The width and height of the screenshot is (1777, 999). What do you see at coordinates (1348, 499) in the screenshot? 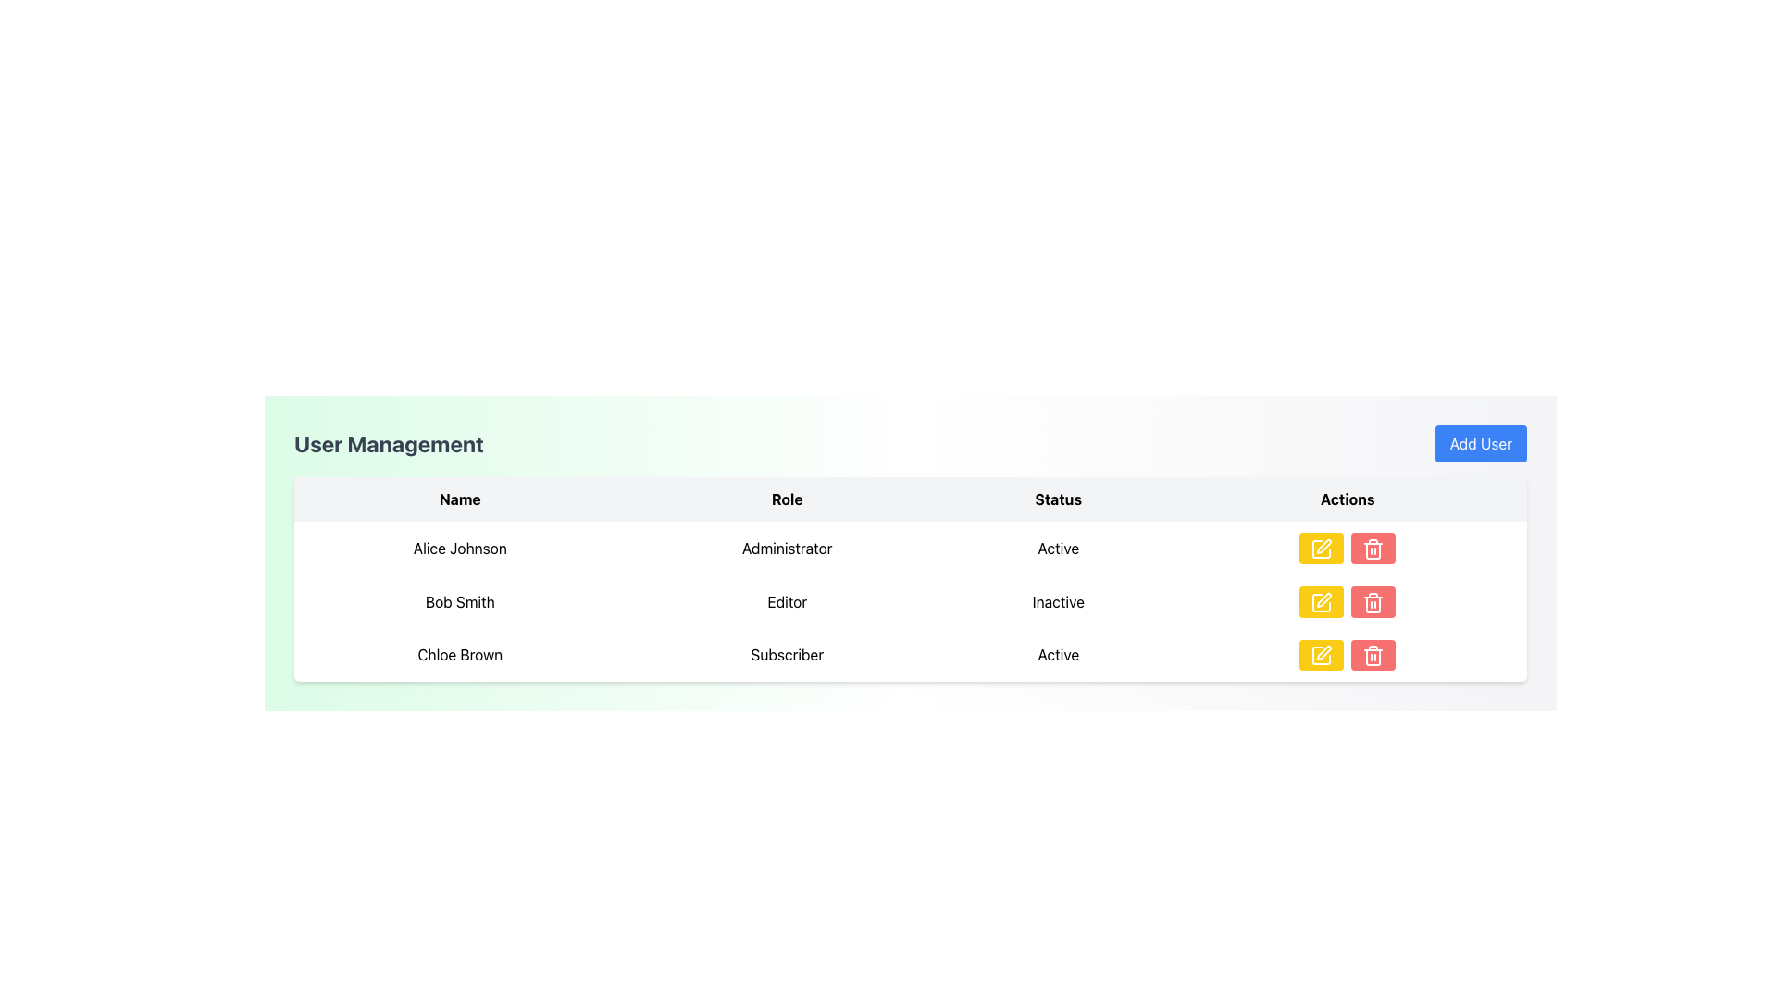
I see `the text header labeled 'Actions', which is the fourth column in a layout that includes 'Name', 'Role', 'Status', and 'Actions'` at bounding box center [1348, 499].